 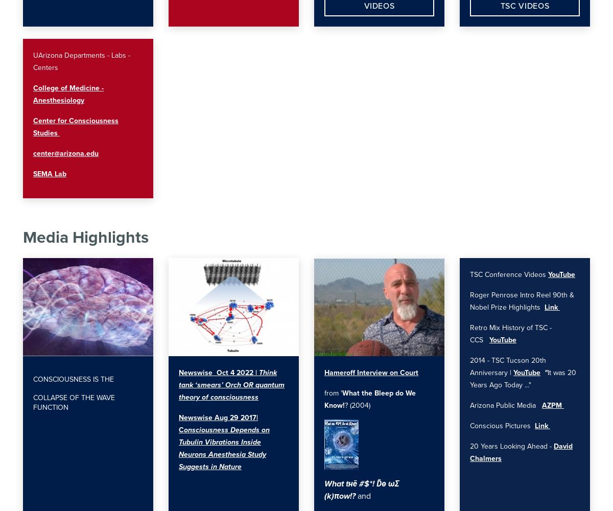 I want to click on 'center@arizona.edu', so click(x=66, y=153).